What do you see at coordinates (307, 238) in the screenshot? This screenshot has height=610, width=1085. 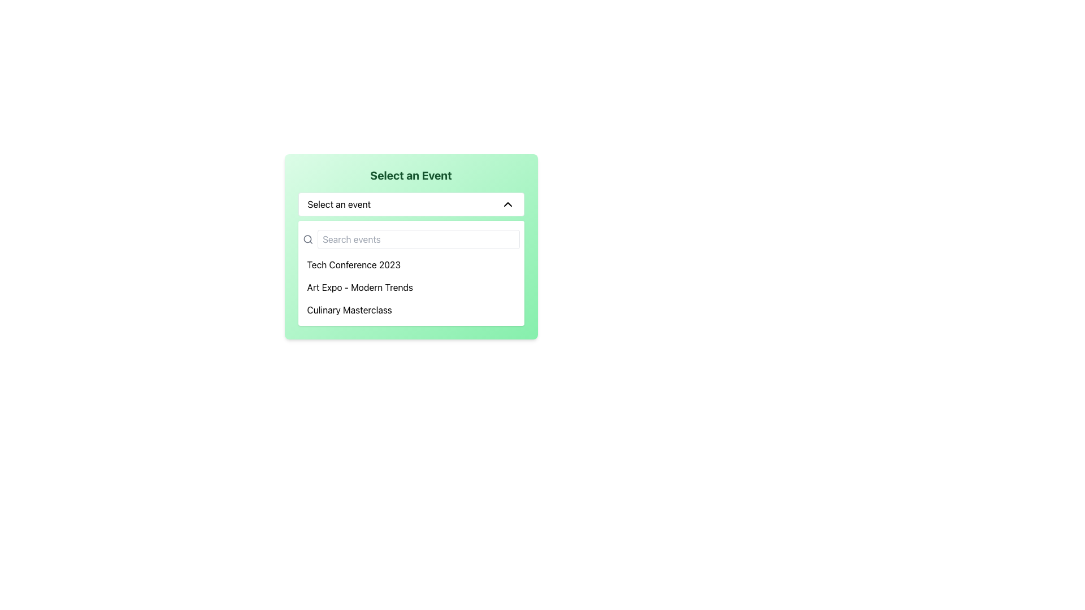 I see `the 8px-radius SVG Circle that represents the search icon within the dropdown menu for event selection` at bounding box center [307, 238].